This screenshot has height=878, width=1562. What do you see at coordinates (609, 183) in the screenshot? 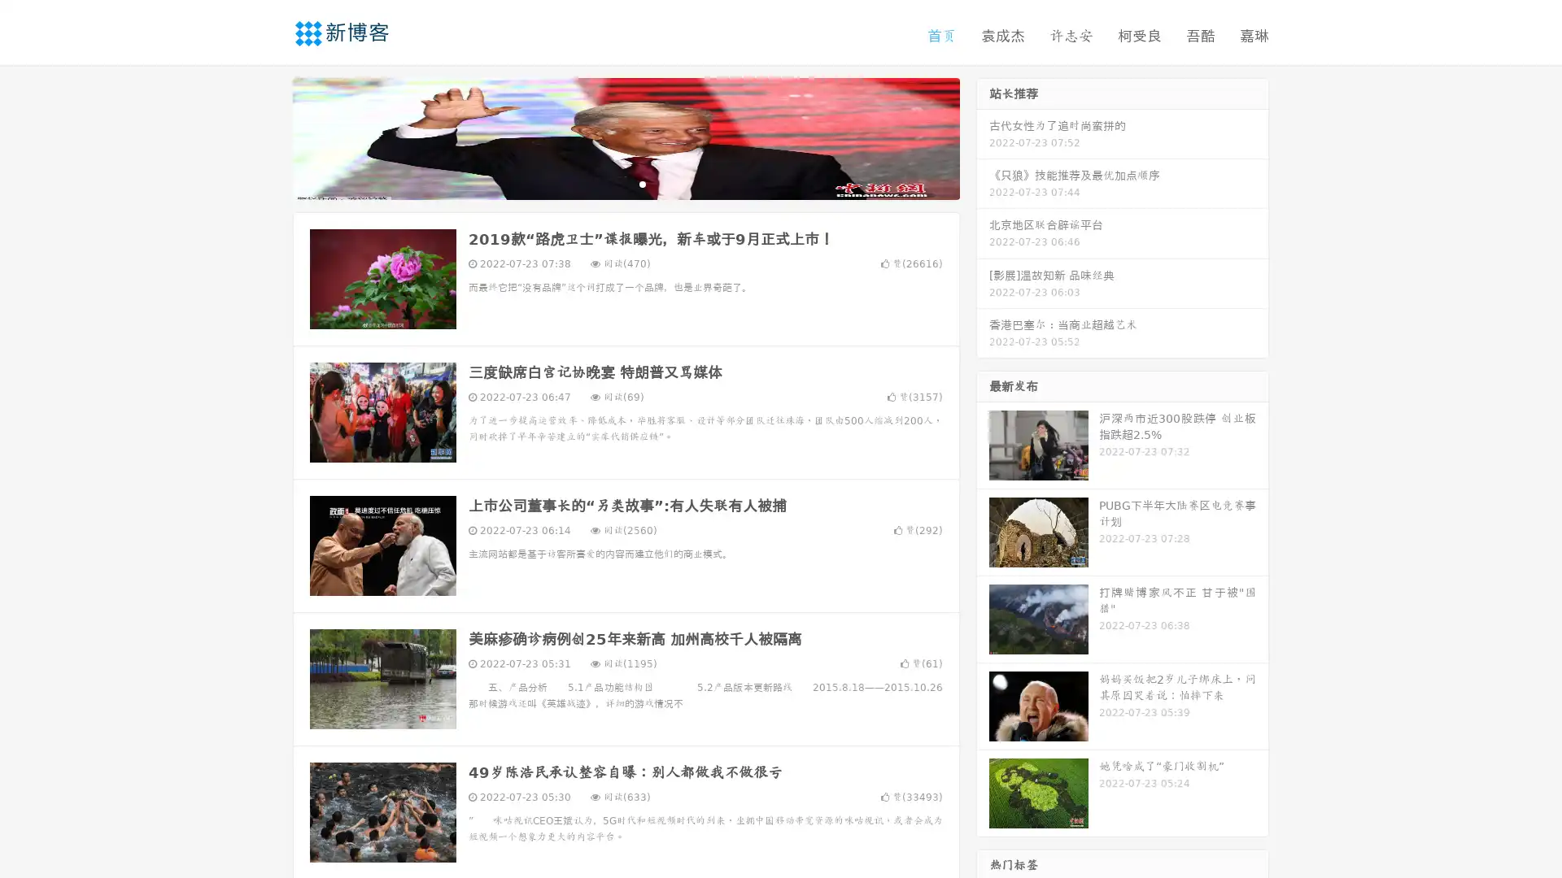
I see `Go to slide 1` at bounding box center [609, 183].